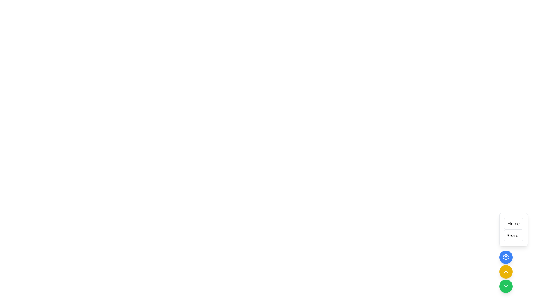 The image size is (537, 302). I want to click on the 'Home' text in the sidebar navigation menu, so click(514, 223).